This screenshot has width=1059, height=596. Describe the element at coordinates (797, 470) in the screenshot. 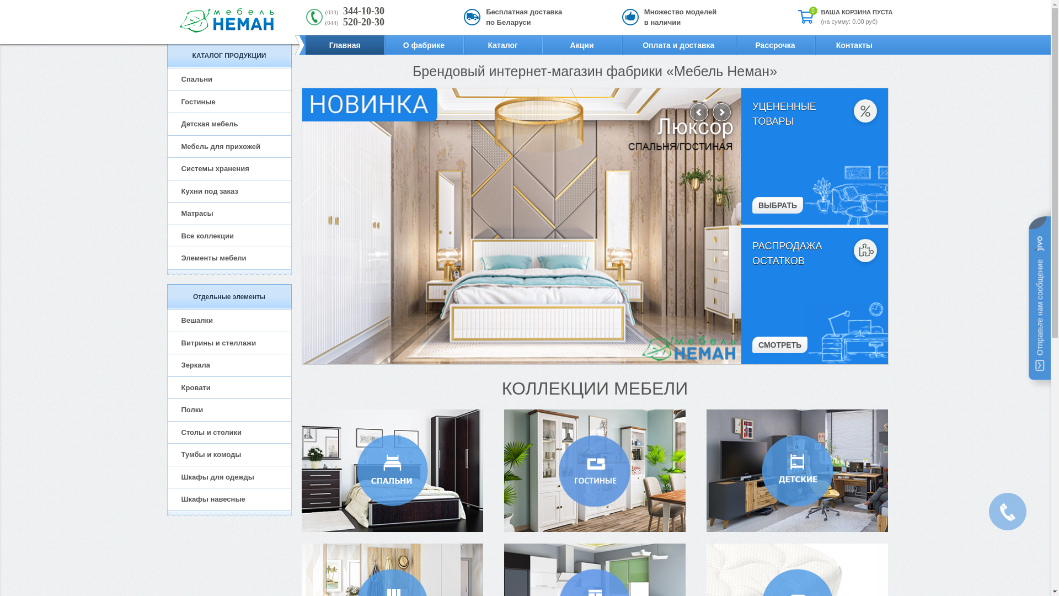

I see `'detskaya-neman'` at that location.